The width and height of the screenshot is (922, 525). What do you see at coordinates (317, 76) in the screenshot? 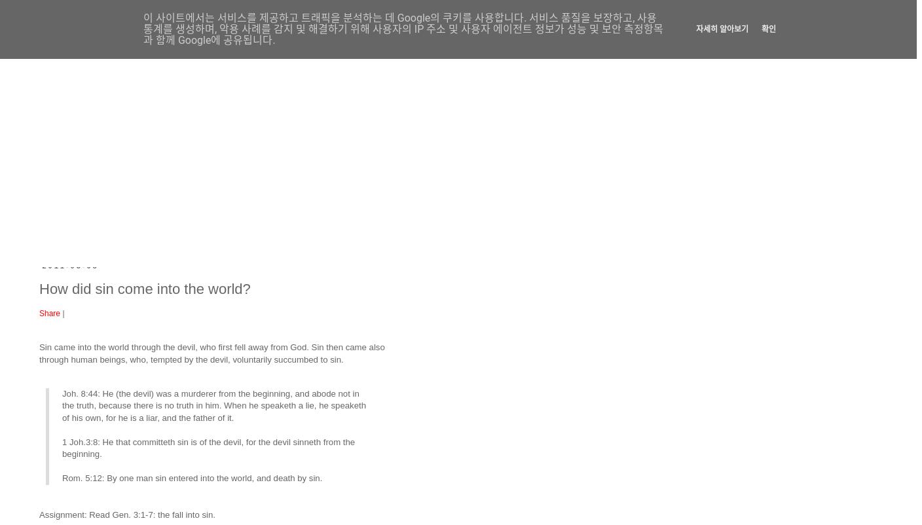
I see `'A Study Of Christian Doctrine'` at bounding box center [317, 76].